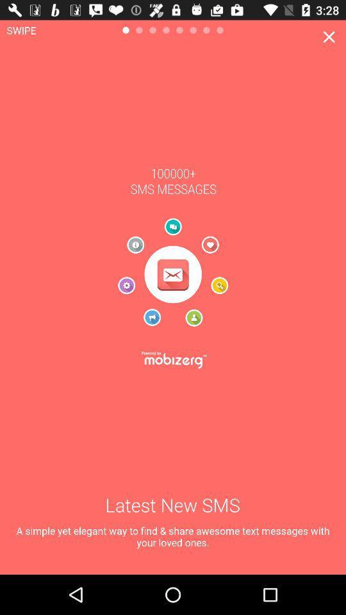  Describe the element at coordinates (329, 36) in the screenshot. I see `page` at that location.